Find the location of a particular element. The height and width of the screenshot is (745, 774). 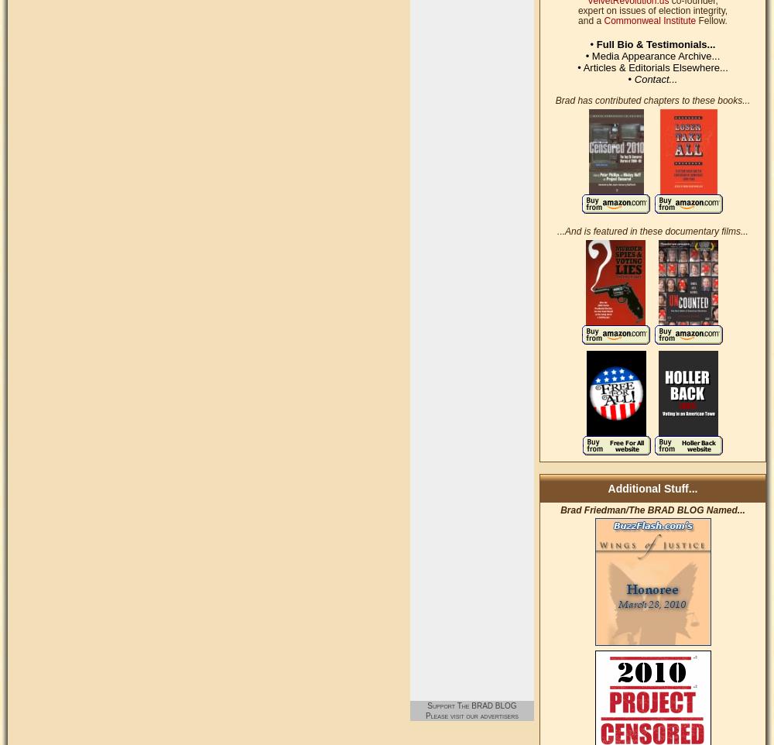

'Support The BRAD BLOG' is located at coordinates (471, 704).